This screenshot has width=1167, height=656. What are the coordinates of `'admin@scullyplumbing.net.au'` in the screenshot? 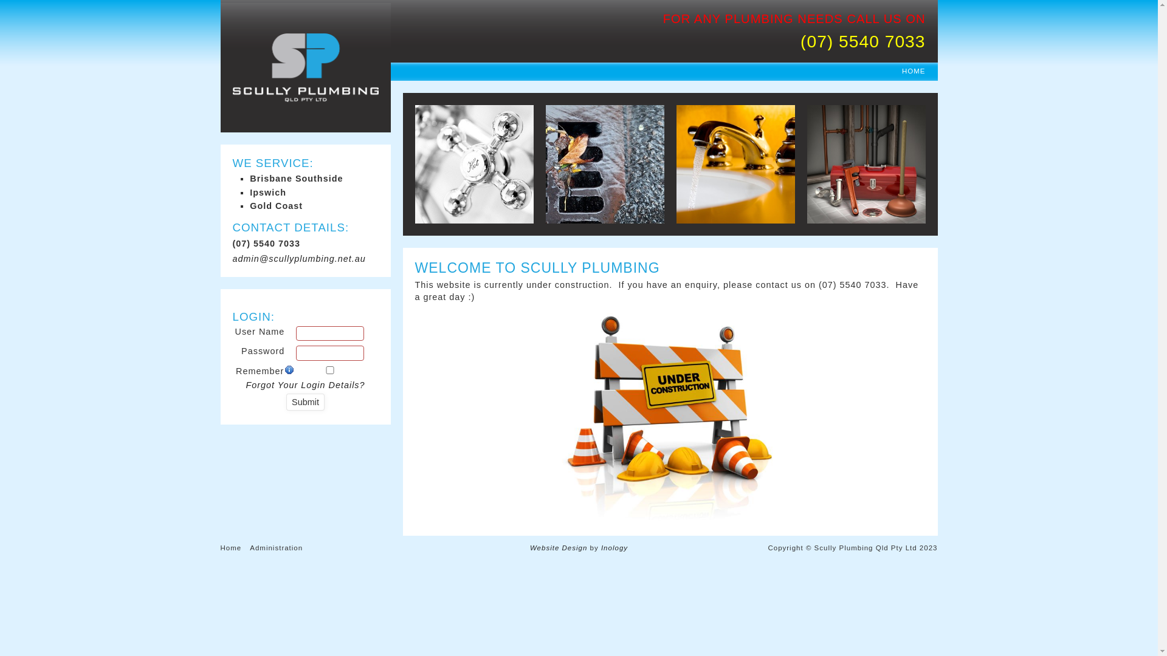 It's located at (305, 258).